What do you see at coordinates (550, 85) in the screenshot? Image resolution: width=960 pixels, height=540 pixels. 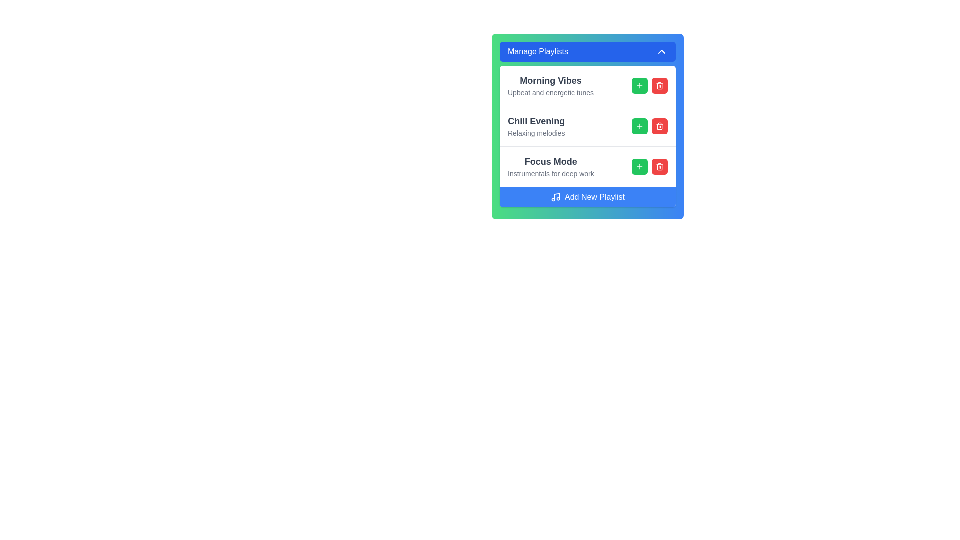 I see `the text label displaying 'Morning Vibes', which is styled with a large, bold, gray font and serves as a title for a playlist` at bounding box center [550, 85].